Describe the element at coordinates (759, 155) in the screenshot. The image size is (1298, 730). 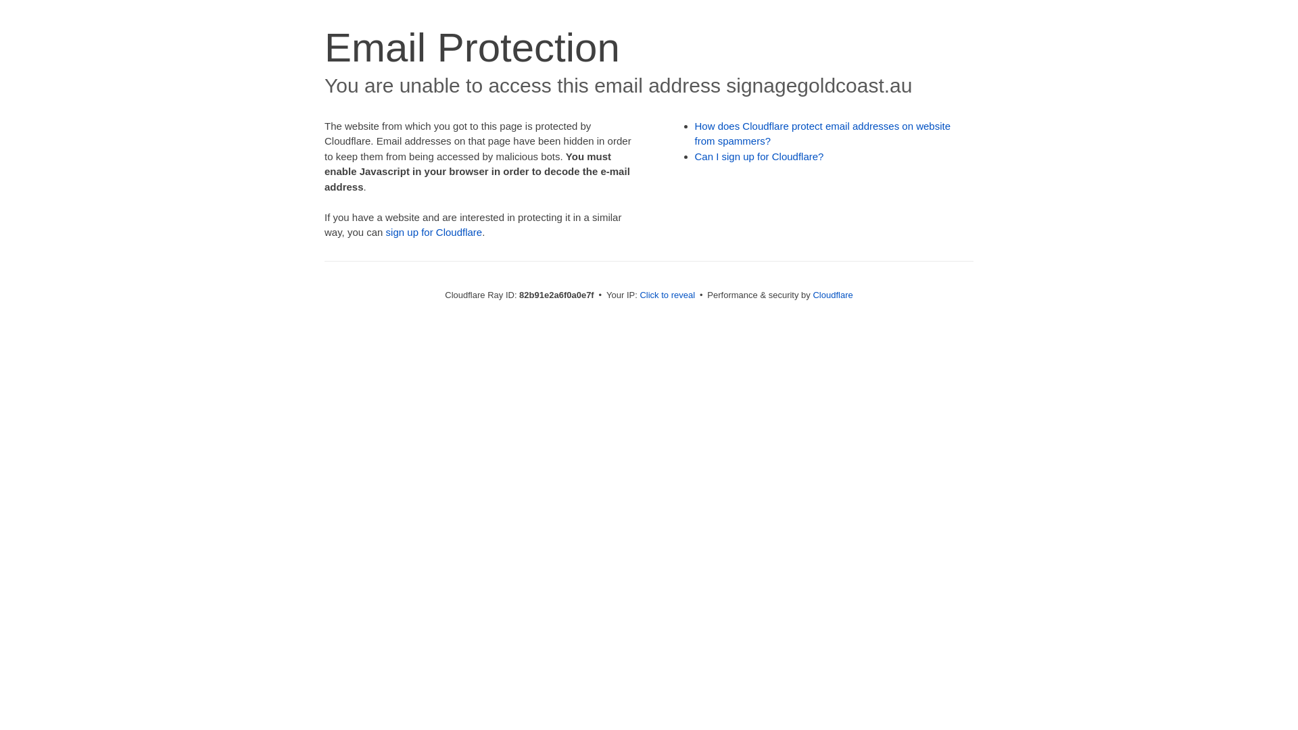
I see `'Can I sign up for Cloudflare?'` at that location.